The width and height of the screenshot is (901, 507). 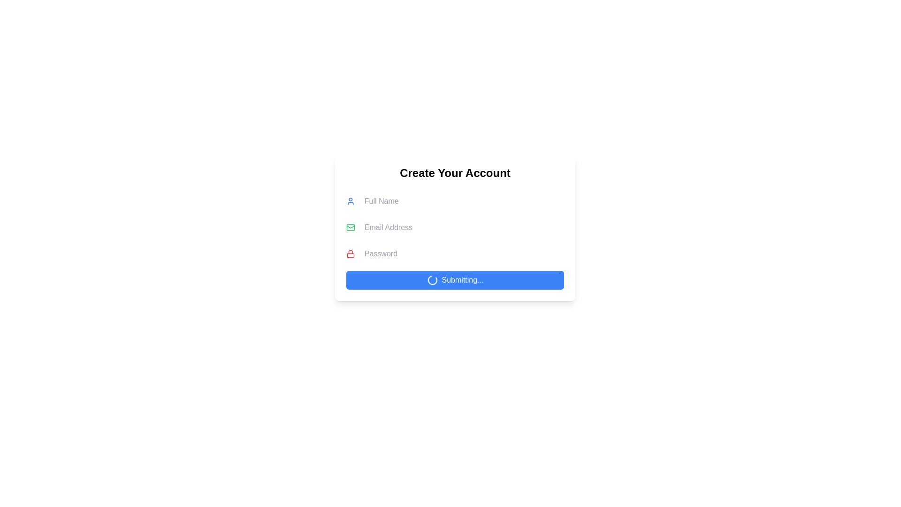 What do you see at coordinates (350, 200) in the screenshot?
I see `the user profile icon, which is styled with a blue fill and located to the left of the 'Full Name' text input field in the 'Create Your Account' form` at bounding box center [350, 200].